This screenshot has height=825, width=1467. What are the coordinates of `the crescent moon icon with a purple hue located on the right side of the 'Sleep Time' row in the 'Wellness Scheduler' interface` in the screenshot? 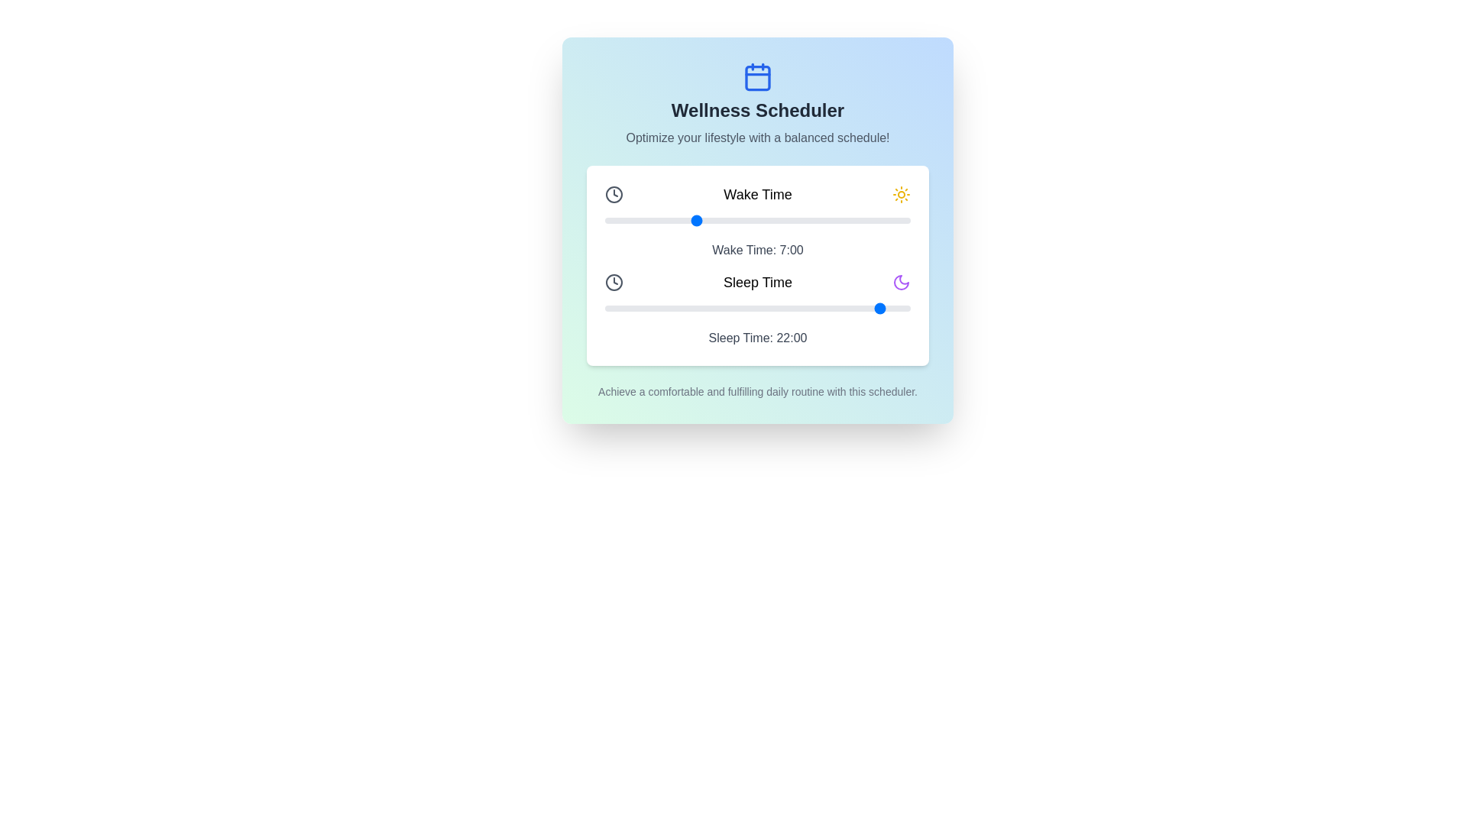 It's located at (902, 283).